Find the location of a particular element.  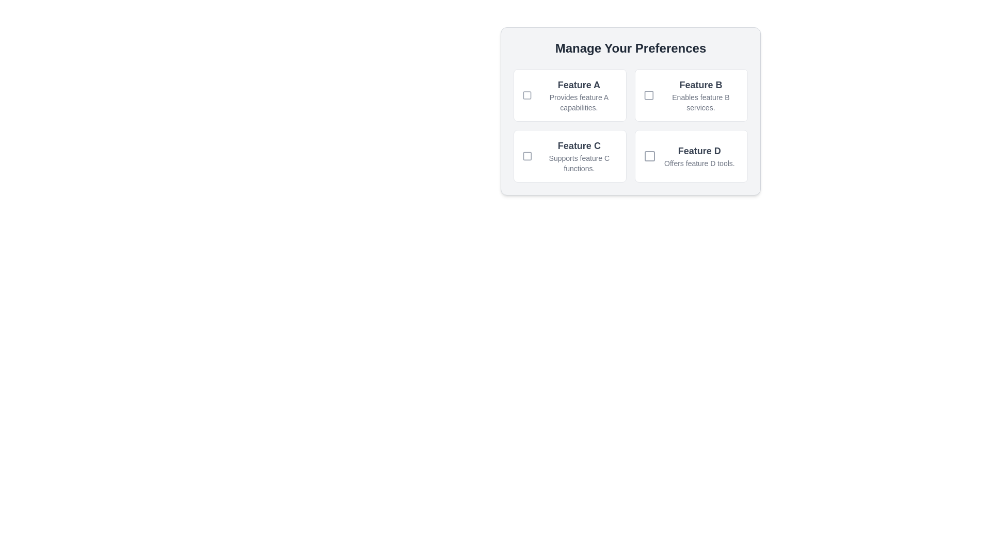

the selectable option labeled 'Feature D' is located at coordinates (691, 156).